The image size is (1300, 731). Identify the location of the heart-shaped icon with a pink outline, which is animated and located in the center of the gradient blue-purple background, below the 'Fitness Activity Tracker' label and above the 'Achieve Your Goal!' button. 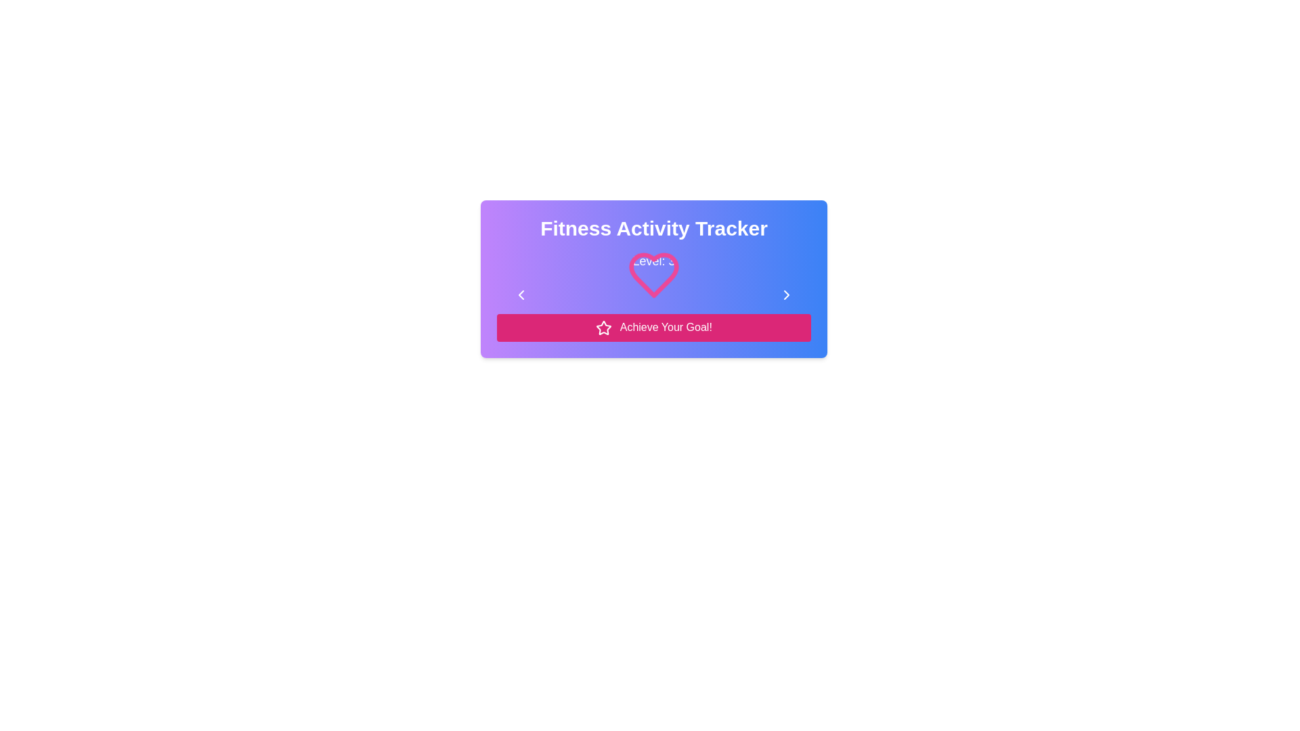
(653, 281).